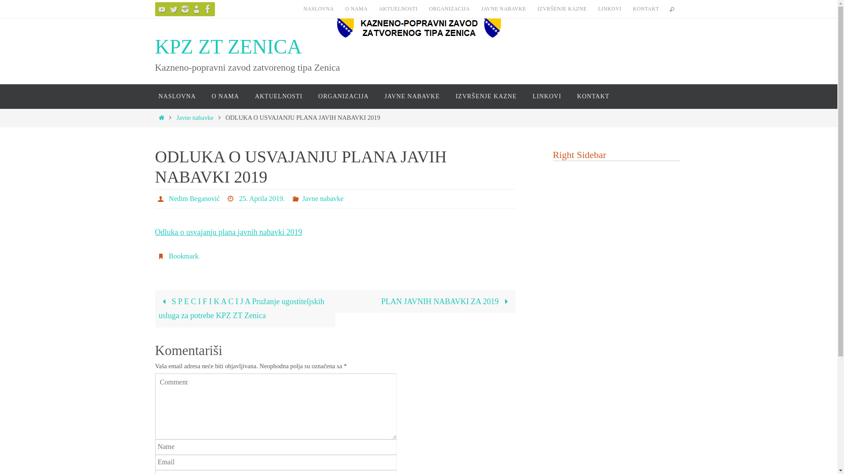  I want to click on 'Bookmark', so click(183, 256).